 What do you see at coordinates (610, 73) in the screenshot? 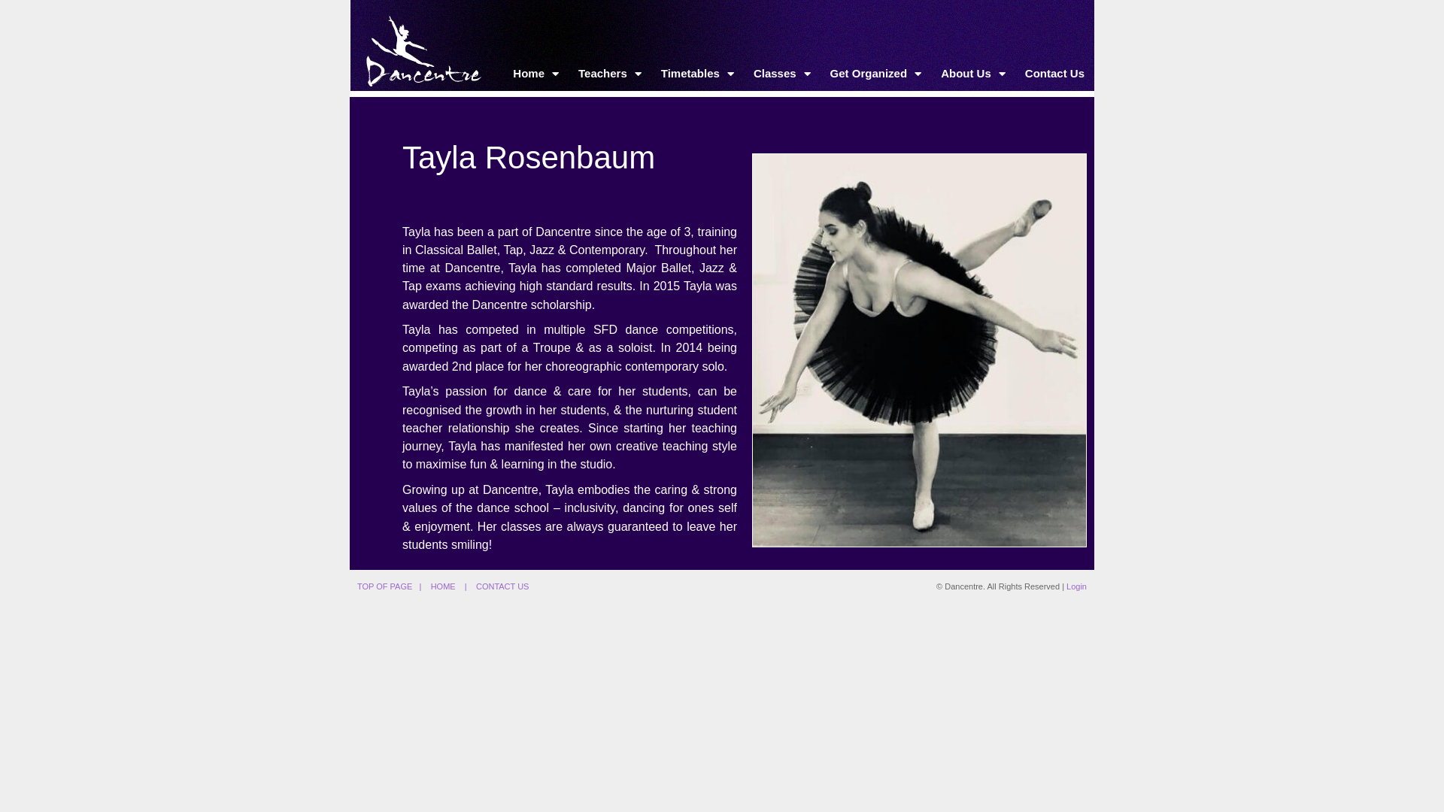
I see `'Teachers'` at bounding box center [610, 73].